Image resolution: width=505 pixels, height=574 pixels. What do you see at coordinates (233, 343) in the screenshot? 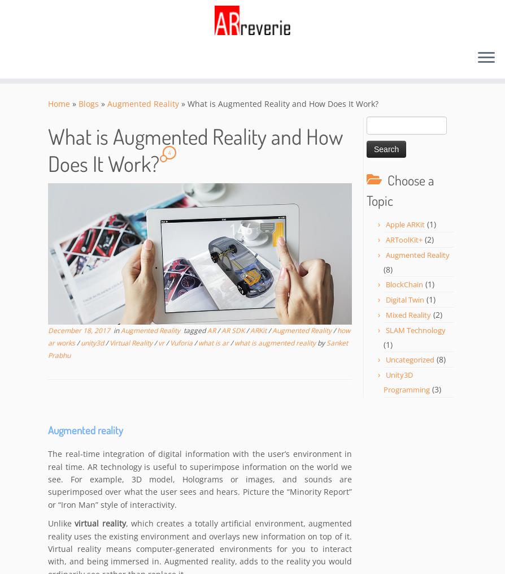
I see `'what is augmented reality'` at bounding box center [233, 343].